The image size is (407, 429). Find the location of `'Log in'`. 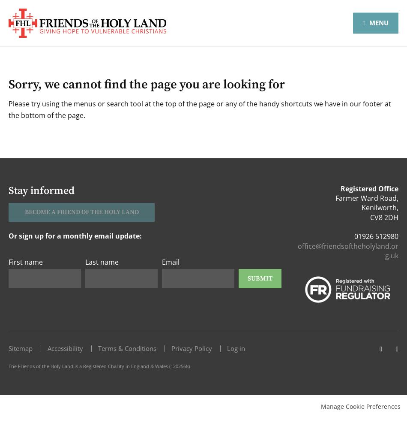

'Log in' is located at coordinates (236, 348).